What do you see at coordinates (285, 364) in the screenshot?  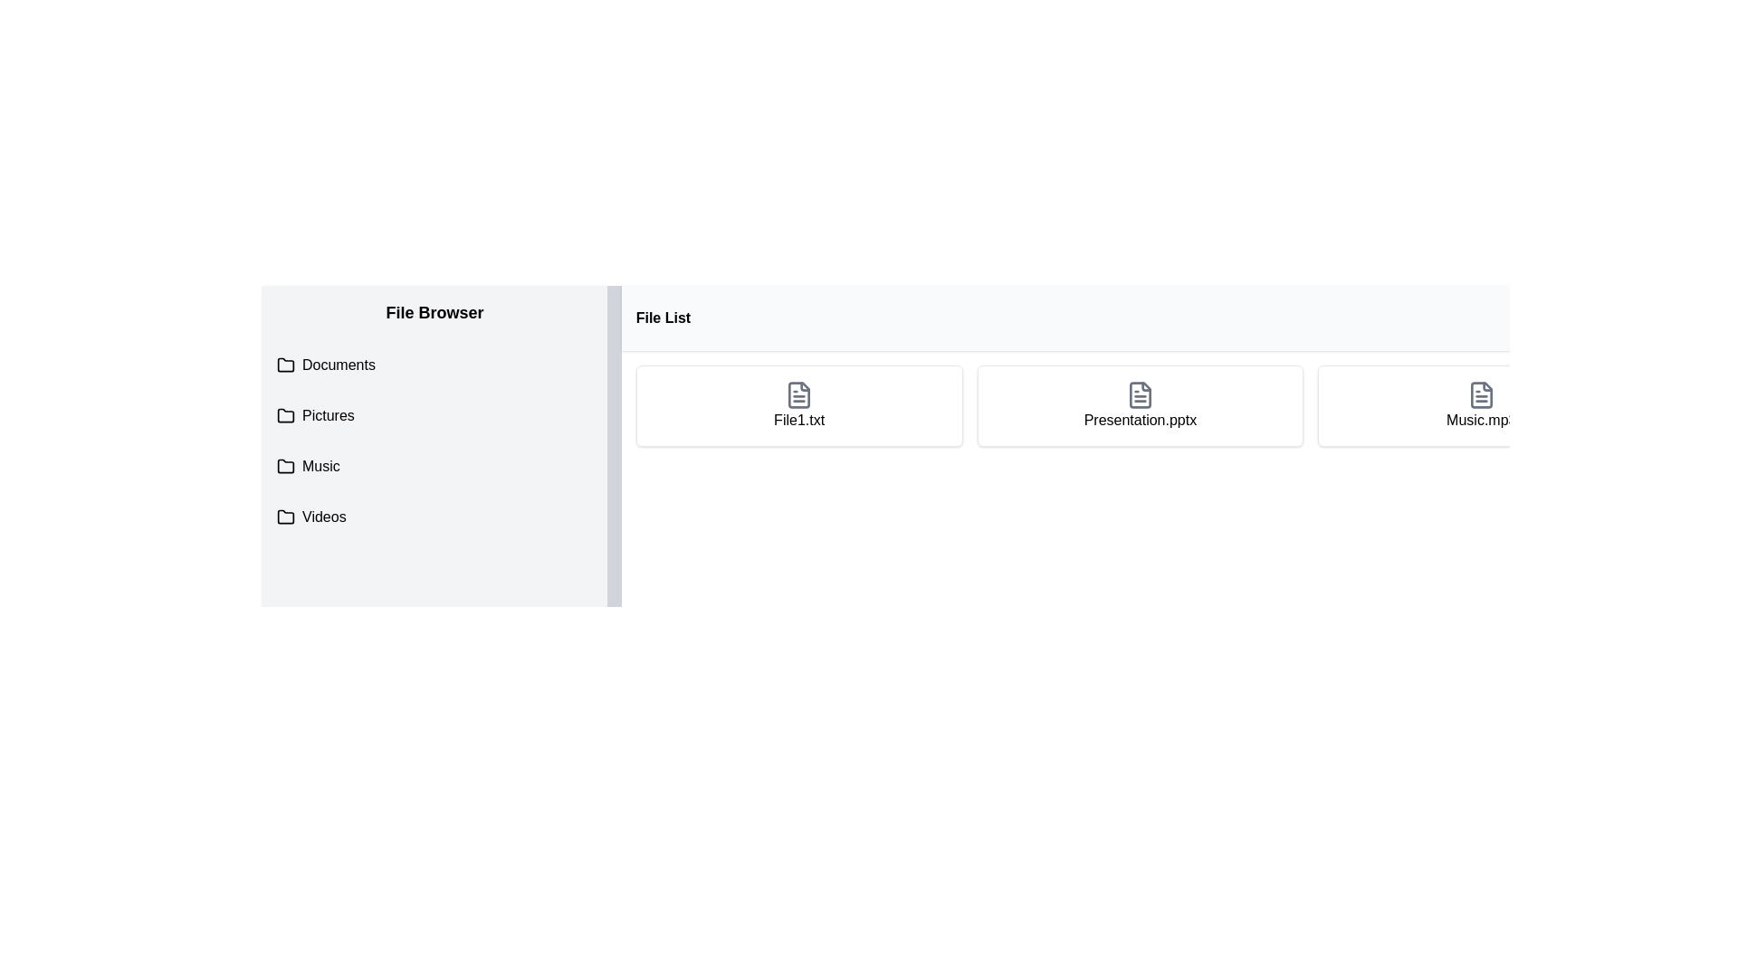 I see `the folder icon located next to the 'Documents' label in the file browser panel, which is the first icon in the list of folder icons` at bounding box center [285, 364].